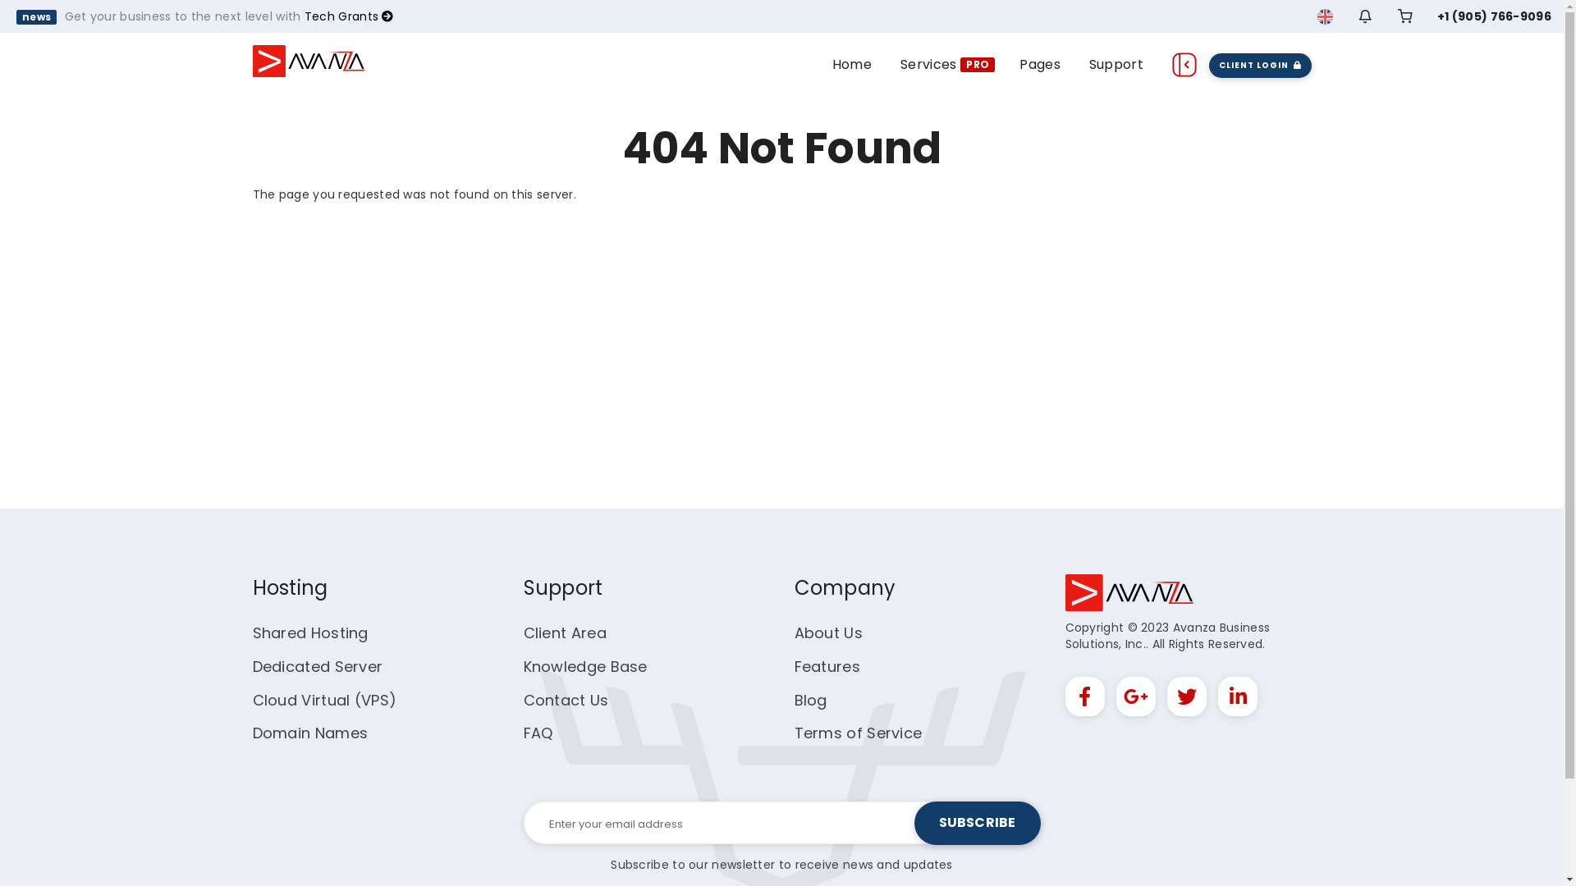 Image resolution: width=1576 pixels, height=886 pixels. I want to click on 'Home', so click(851, 62).